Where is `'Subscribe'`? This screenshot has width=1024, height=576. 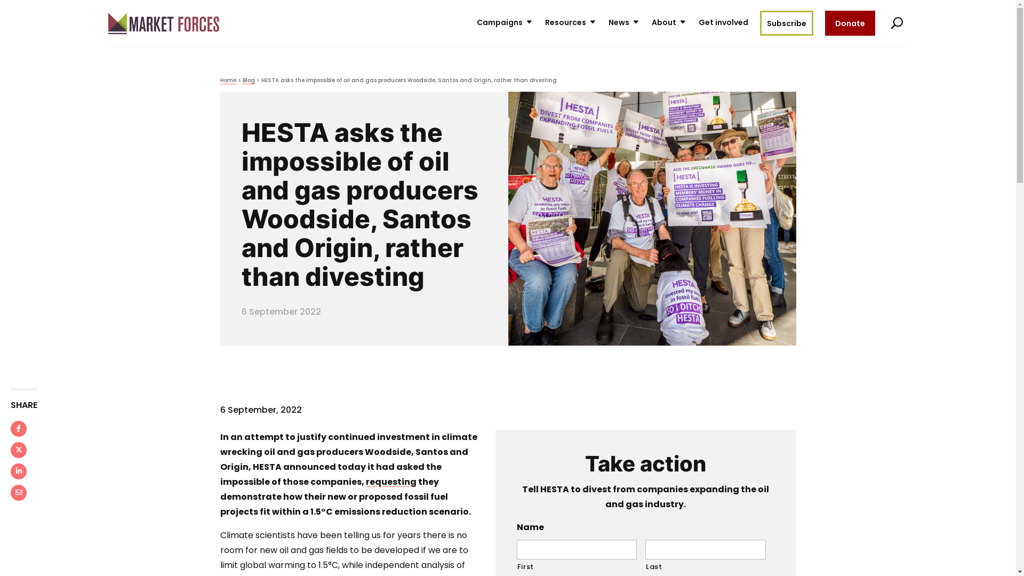 'Subscribe' is located at coordinates (786, 23).